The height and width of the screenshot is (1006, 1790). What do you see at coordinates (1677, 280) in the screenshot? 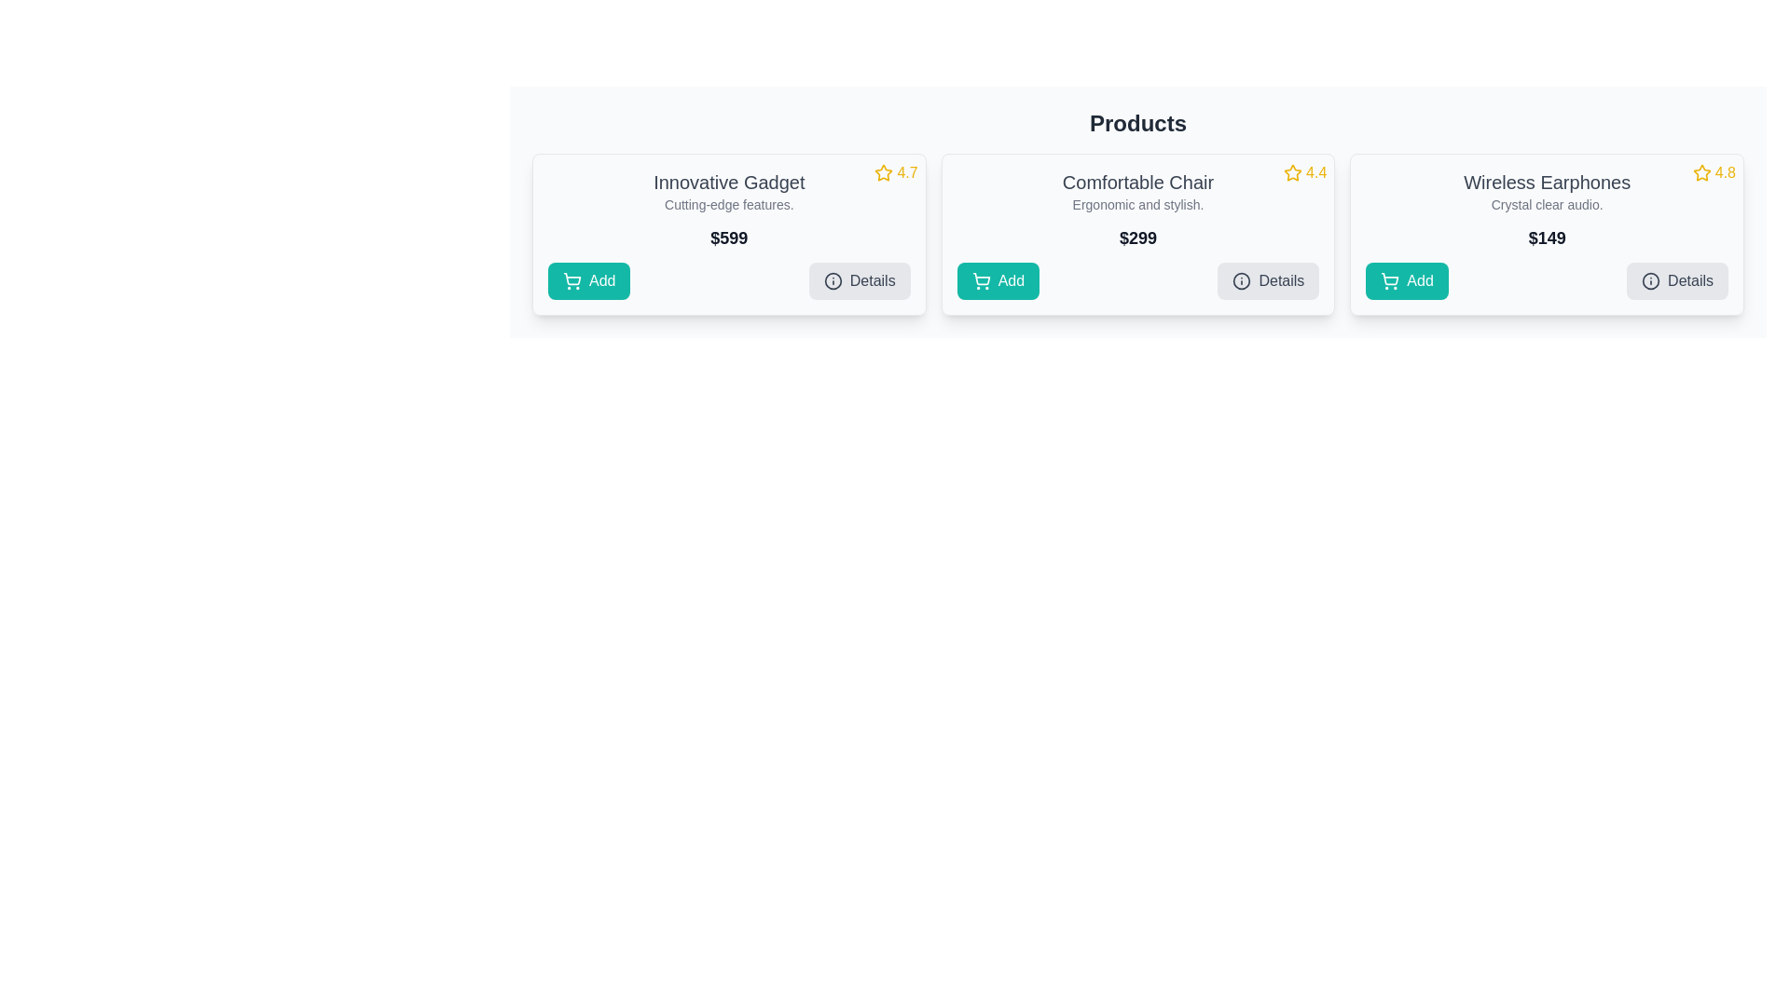
I see `the second interactive button in the bottom-right corner of the 'Wireless Earphones' product card` at bounding box center [1677, 280].